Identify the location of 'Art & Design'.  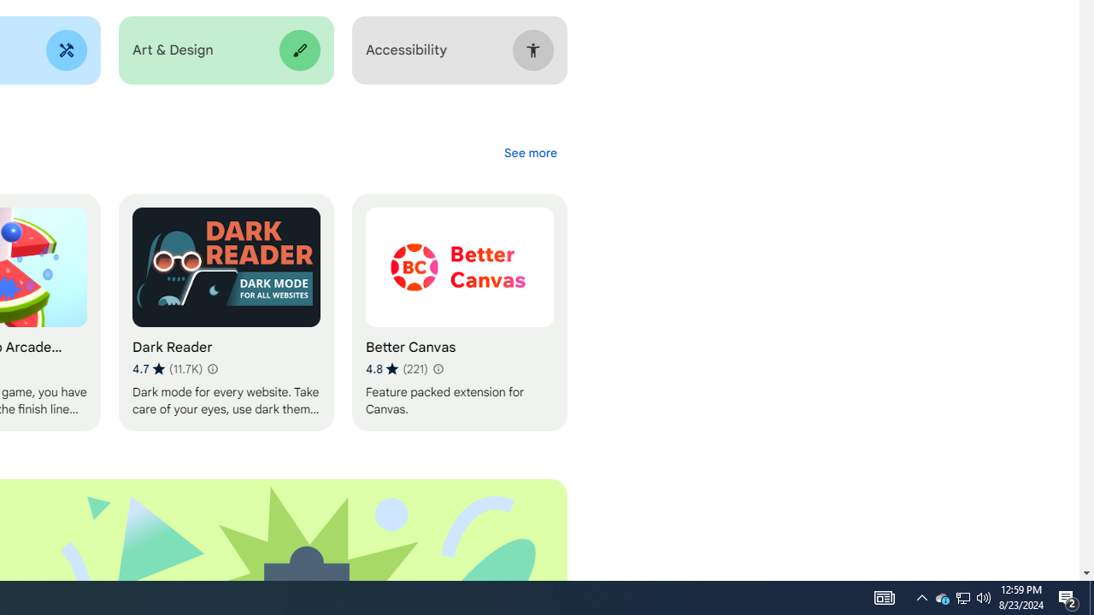
(225, 50).